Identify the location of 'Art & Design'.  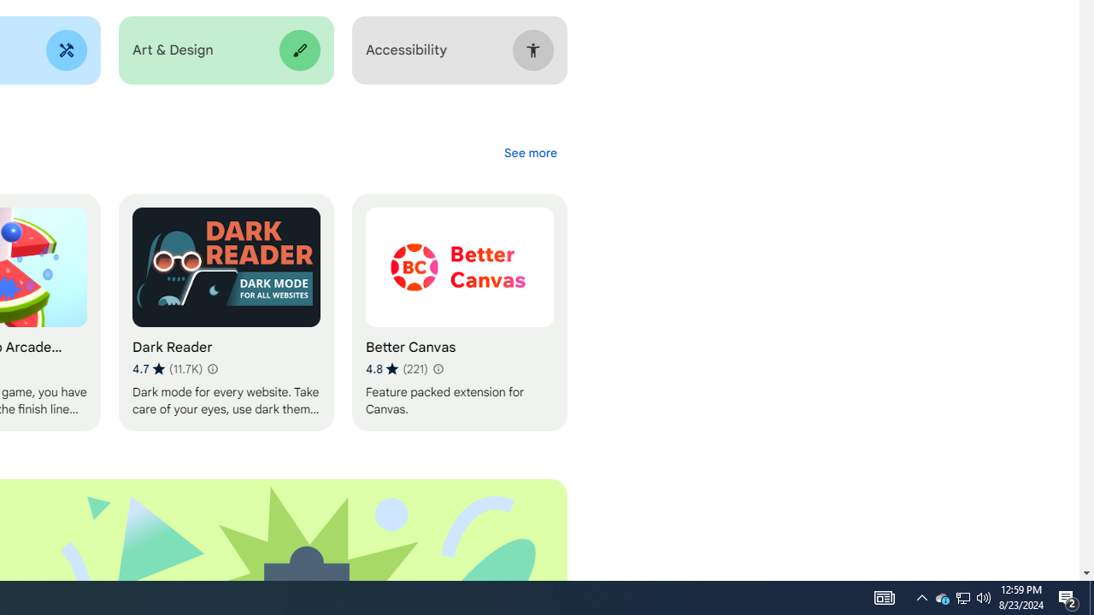
(225, 50).